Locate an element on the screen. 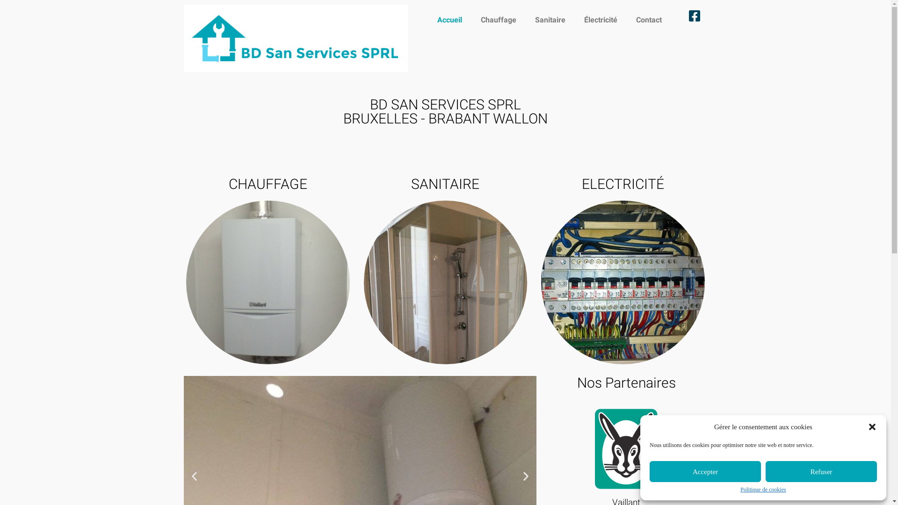 This screenshot has height=505, width=898. 'Politique de cookies' is located at coordinates (763, 490).